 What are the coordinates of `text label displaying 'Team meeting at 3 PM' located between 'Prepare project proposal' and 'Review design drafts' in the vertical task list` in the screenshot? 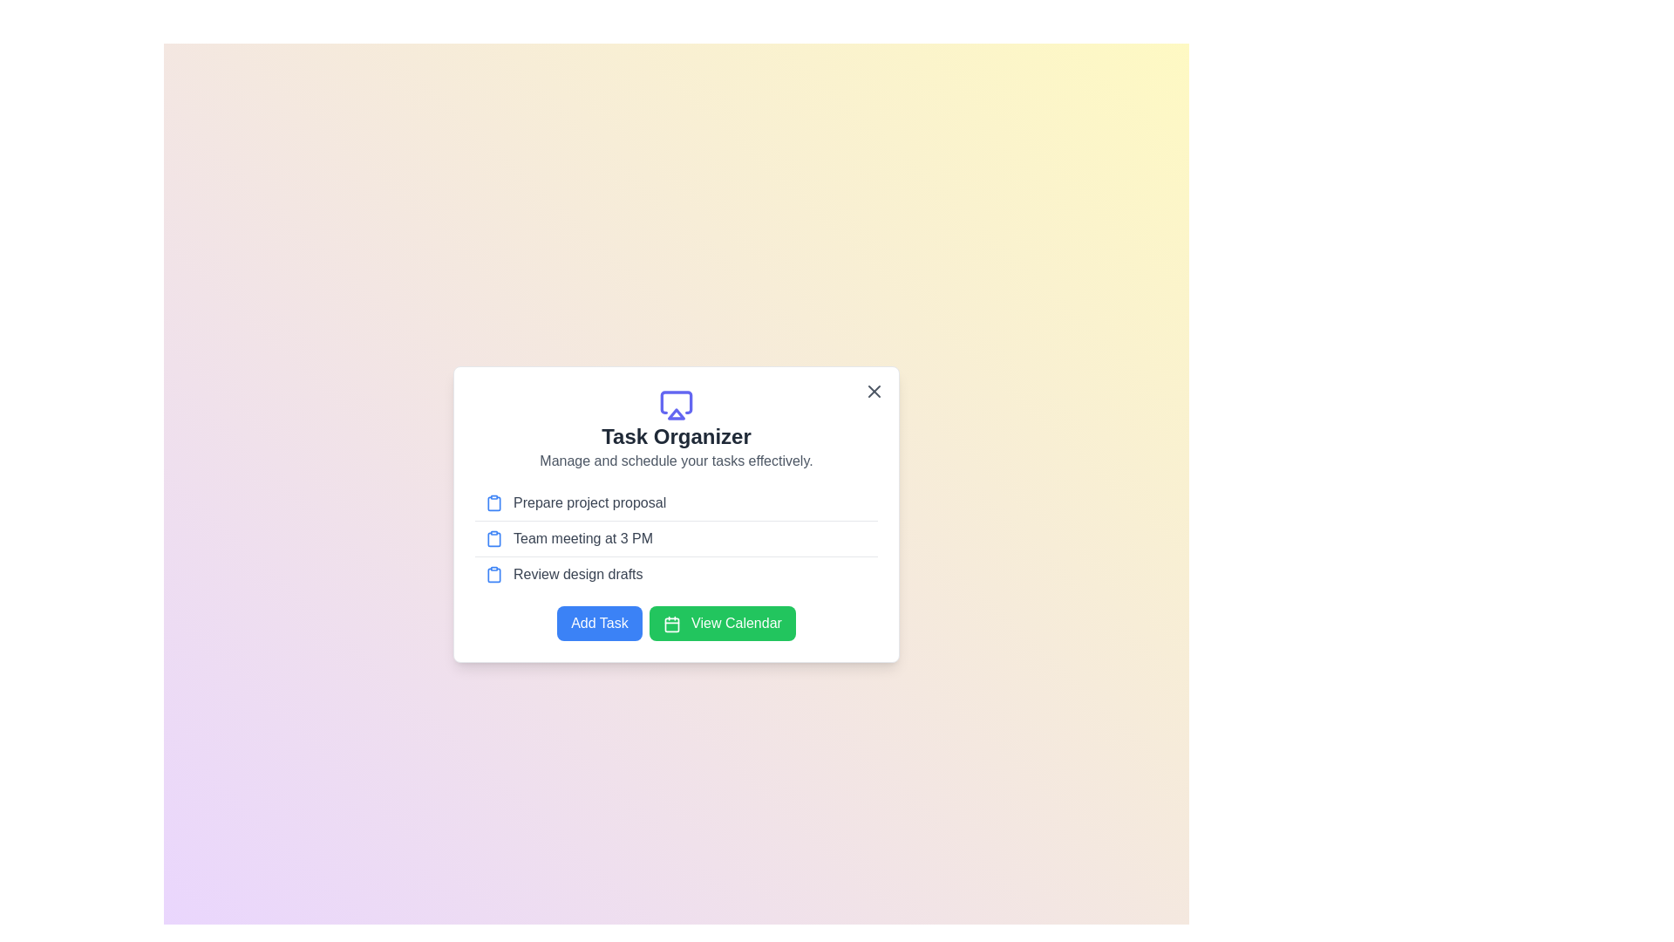 It's located at (583, 537).